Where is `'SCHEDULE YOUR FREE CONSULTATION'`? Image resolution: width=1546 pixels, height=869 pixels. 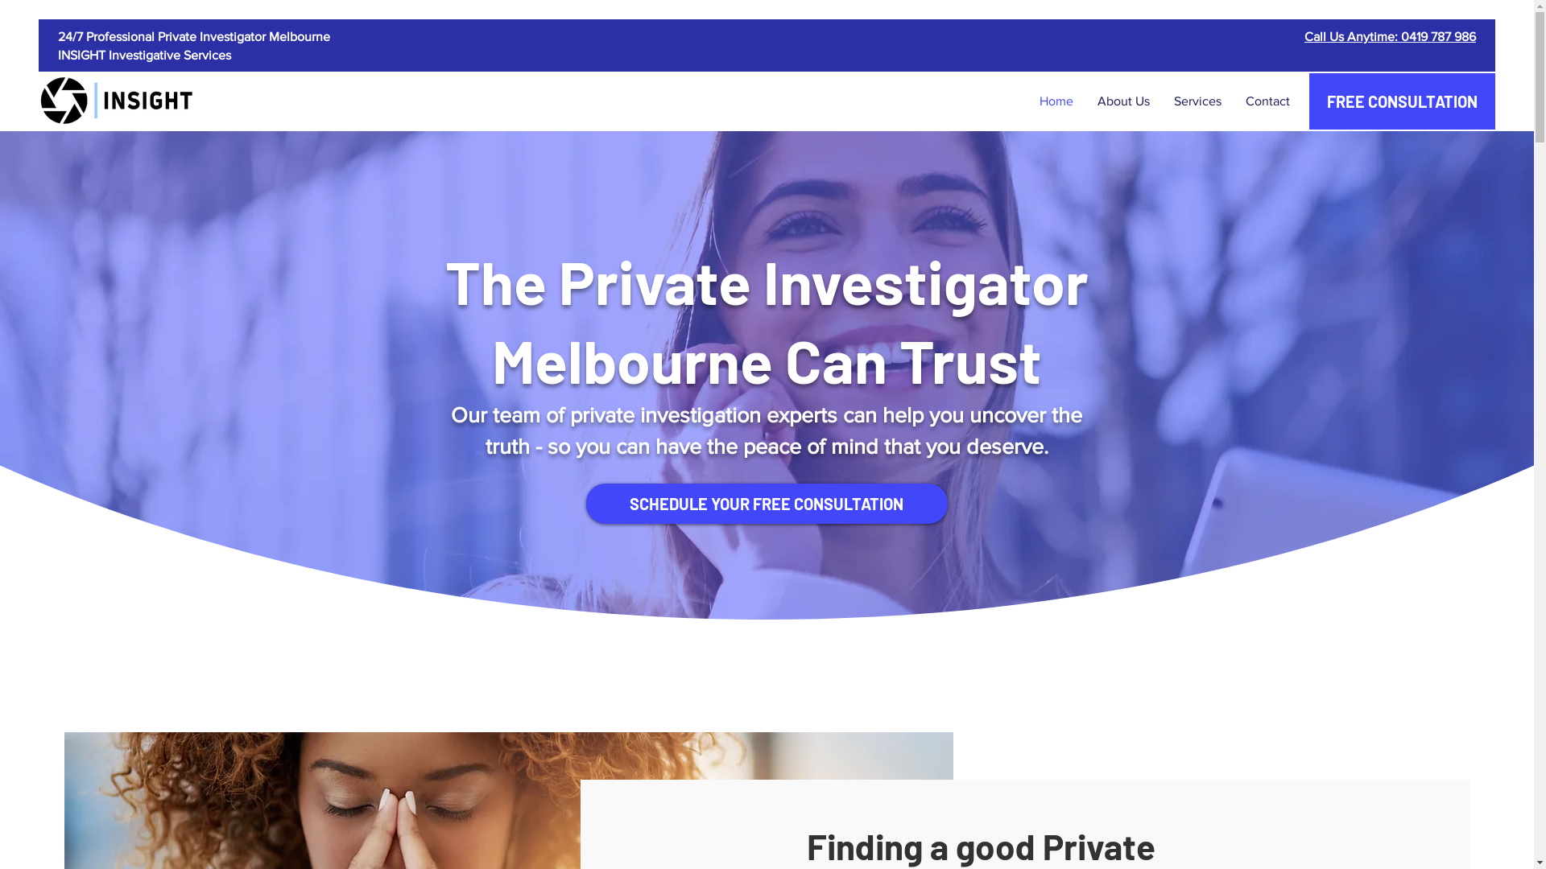
'SCHEDULE YOUR FREE CONSULTATION' is located at coordinates (766, 502).